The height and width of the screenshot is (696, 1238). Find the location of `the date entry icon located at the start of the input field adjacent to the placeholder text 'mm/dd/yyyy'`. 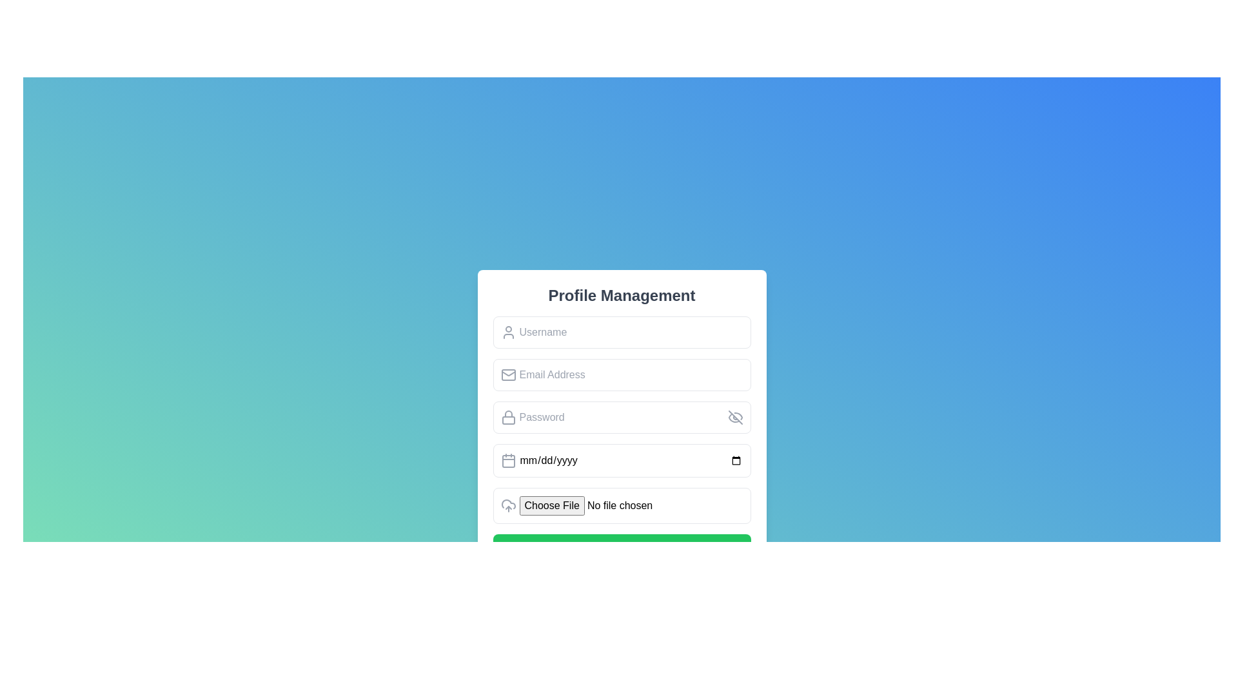

the date entry icon located at the start of the input field adjacent to the placeholder text 'mm/dd/yyyy' is located at coordinates (507, 459).